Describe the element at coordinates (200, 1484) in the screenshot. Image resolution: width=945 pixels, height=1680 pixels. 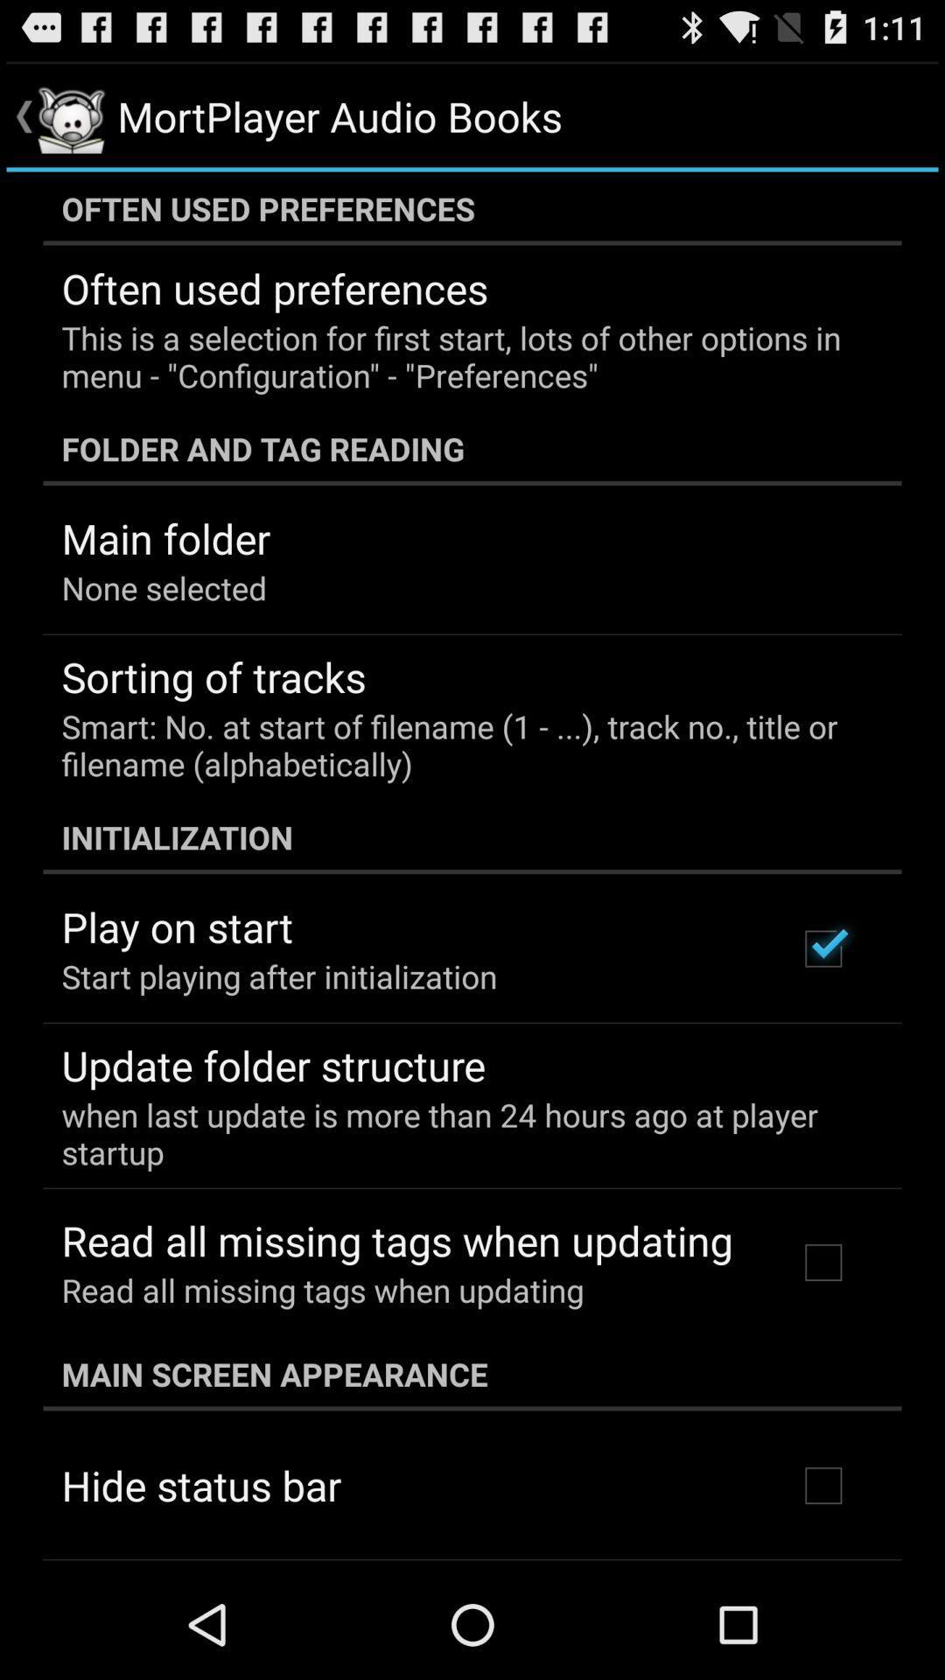
I see `the hide status bar icon` at that location.